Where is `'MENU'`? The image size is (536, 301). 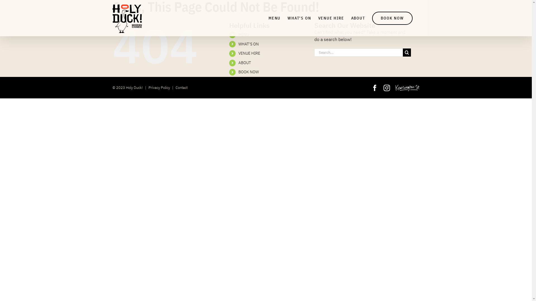
'MENU' is located at coordinates (274, 18).